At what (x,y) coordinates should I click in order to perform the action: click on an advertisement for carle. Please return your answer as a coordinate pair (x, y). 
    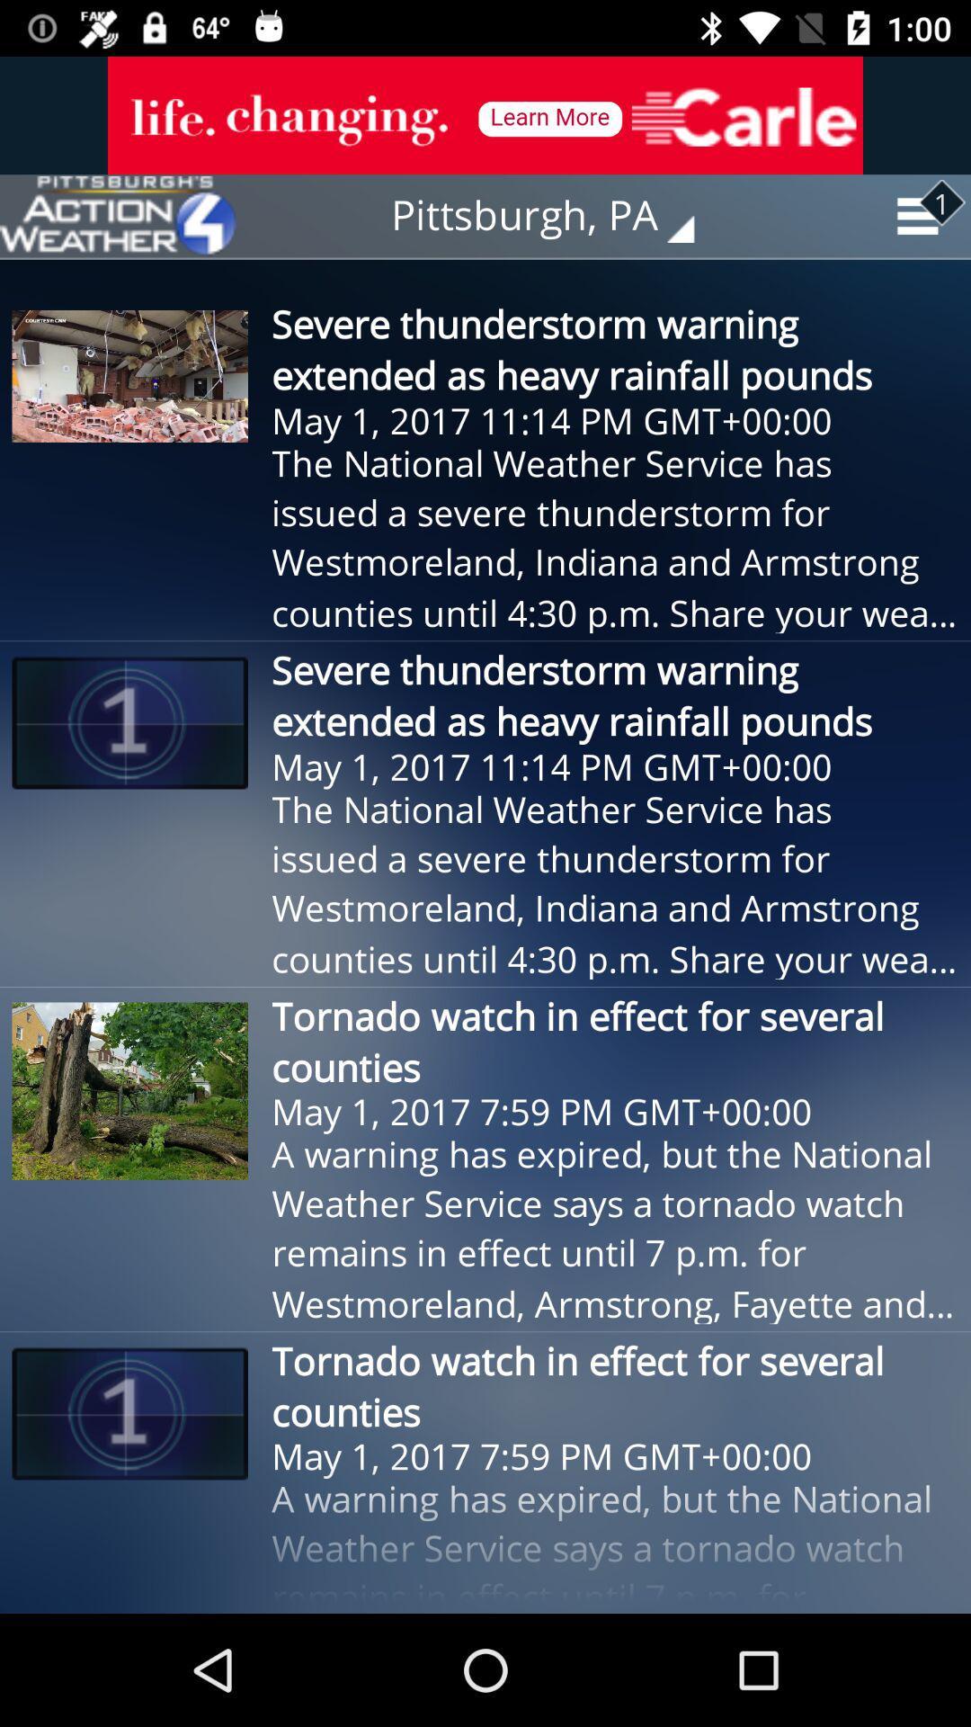
    Looking at the image, I should click on (485, 114).